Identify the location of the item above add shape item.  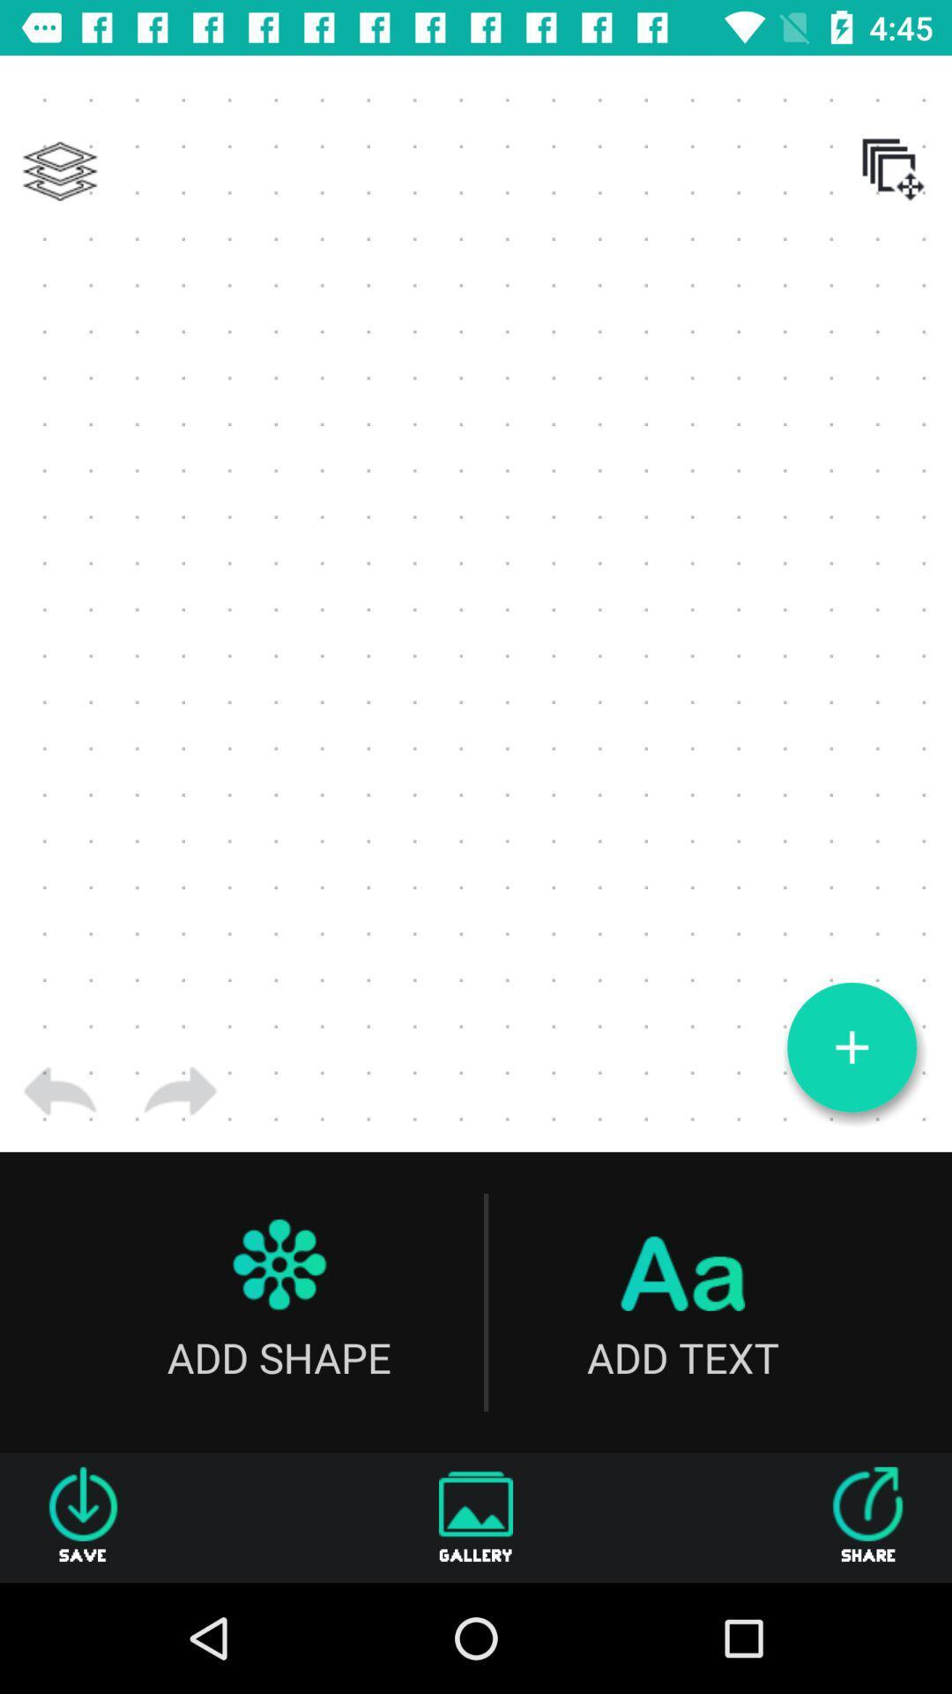
(180, 1091).